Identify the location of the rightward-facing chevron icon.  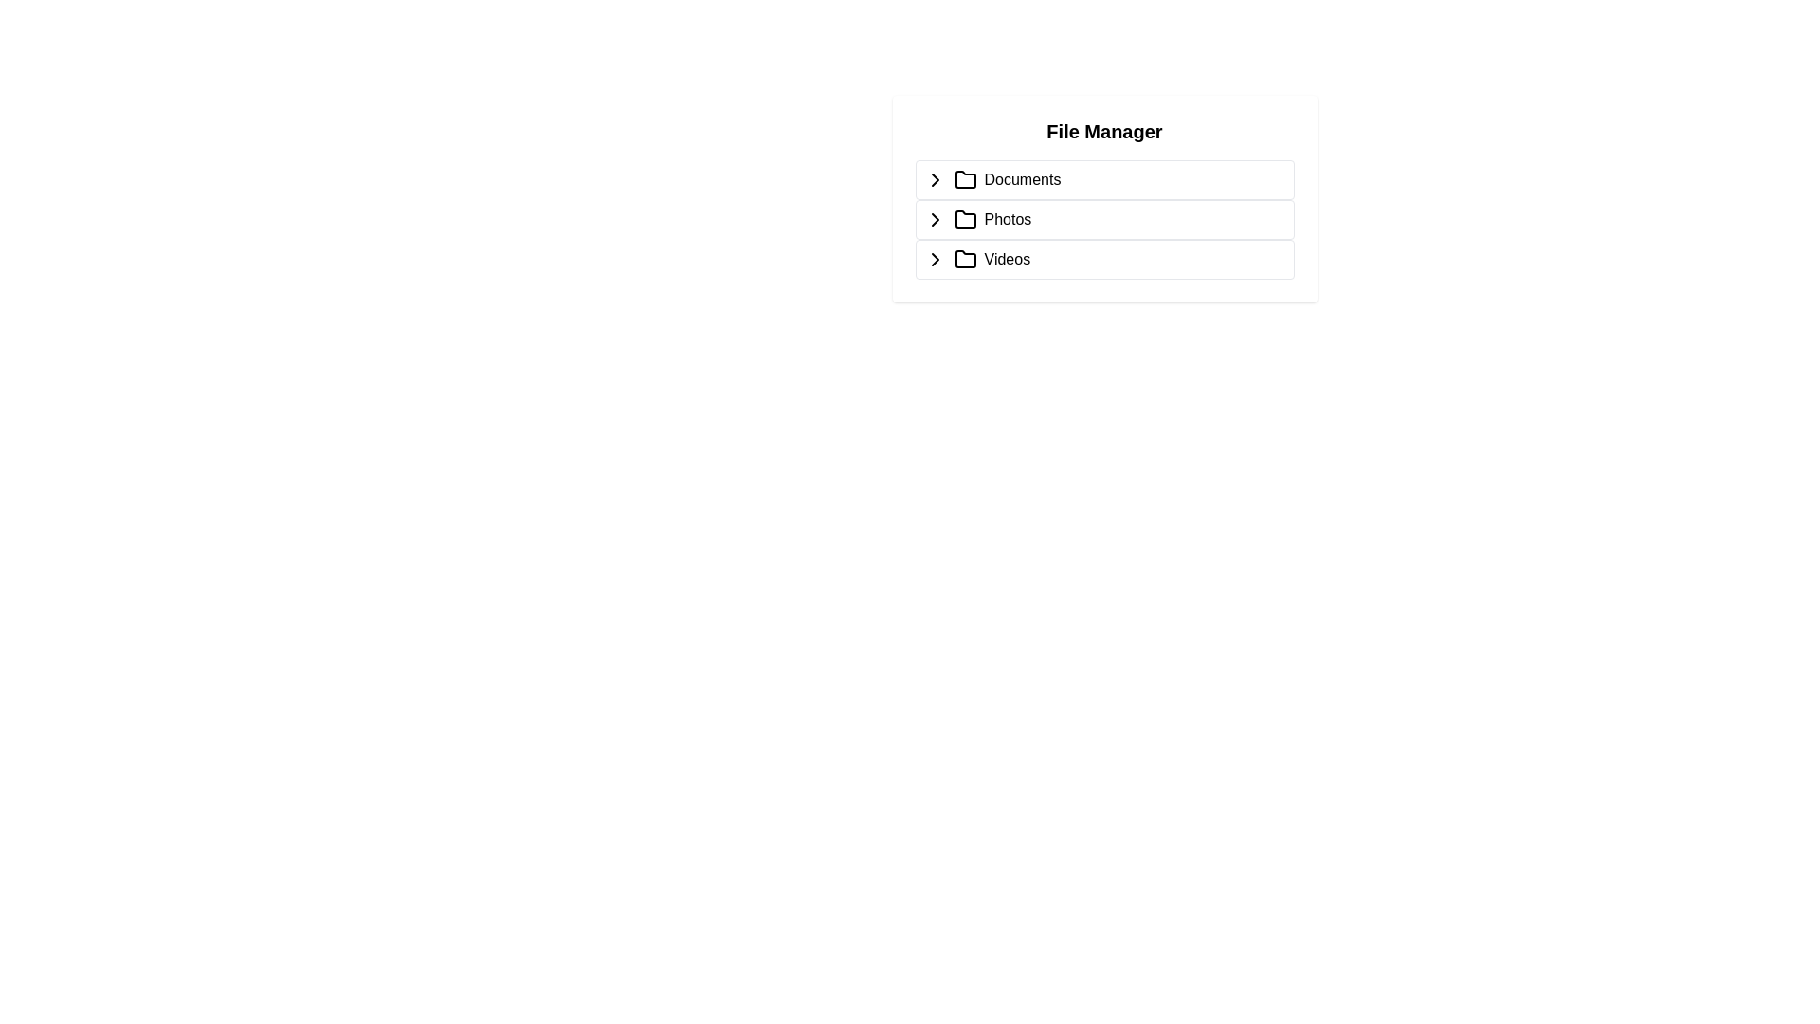
(935, 179).